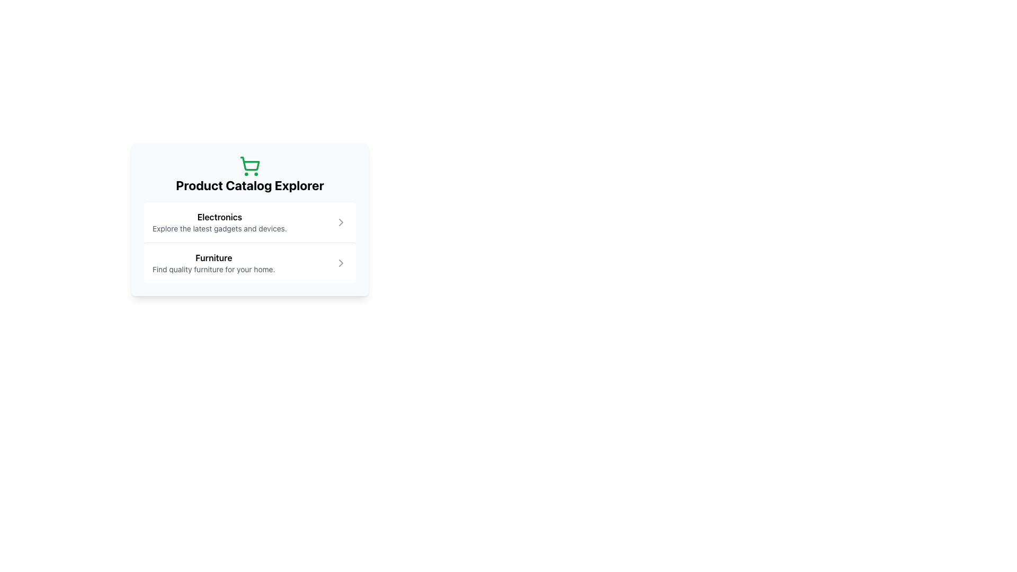 The width and height of the screenshot is (1017, 572). Describe the element at coordinates (249, 166) in the screenshot. I see `the Decorative icon that represents a shopping cart, which is positioned above the 'Product Catalog Explorer' text` at that location.